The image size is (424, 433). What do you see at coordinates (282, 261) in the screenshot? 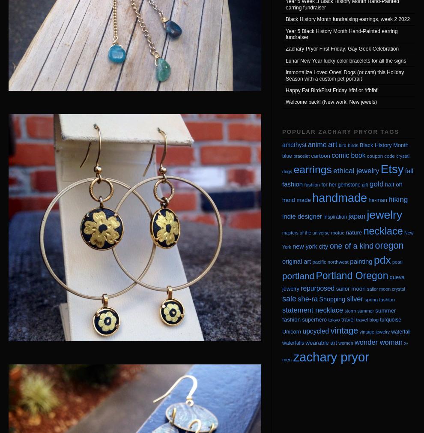
I see `'original art'` at bounding box center [282, 261].